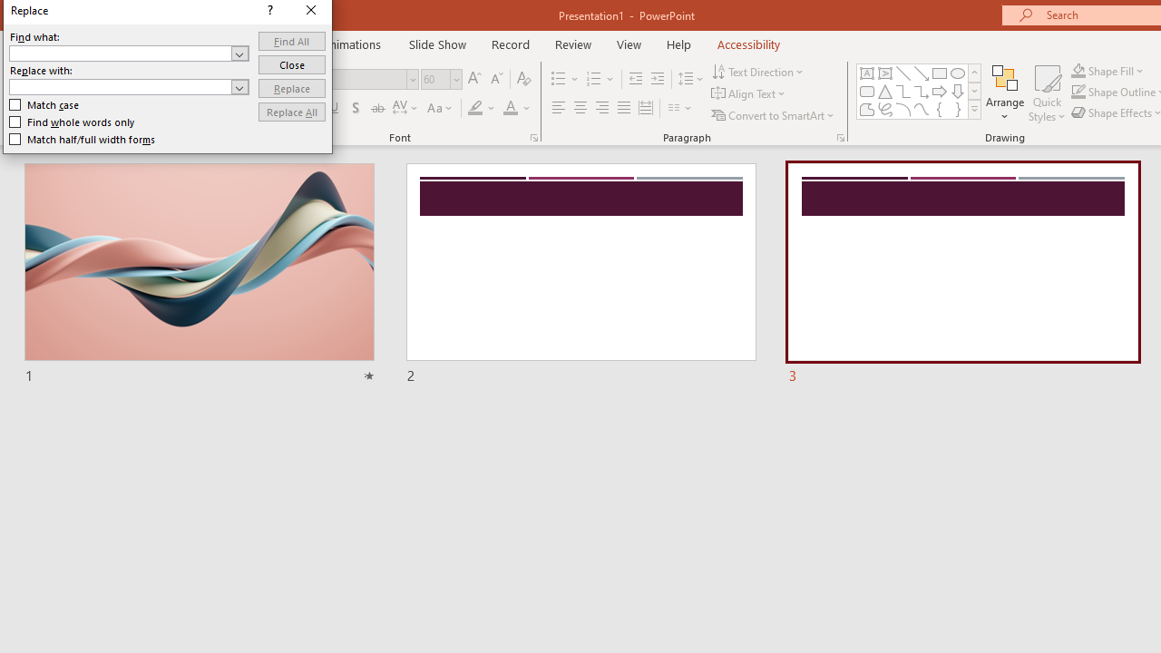  Describe the element at coordinates (679, 108) in the screenshot. I see `'Columns'` at that location.